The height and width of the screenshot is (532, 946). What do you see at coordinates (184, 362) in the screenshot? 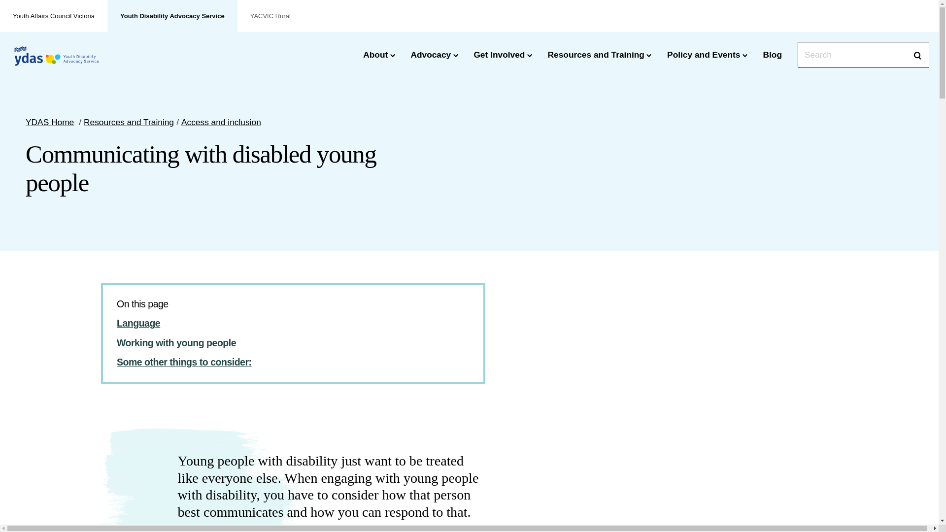
I see `'Some other things to consider:'` at bounding box center [184, 362].